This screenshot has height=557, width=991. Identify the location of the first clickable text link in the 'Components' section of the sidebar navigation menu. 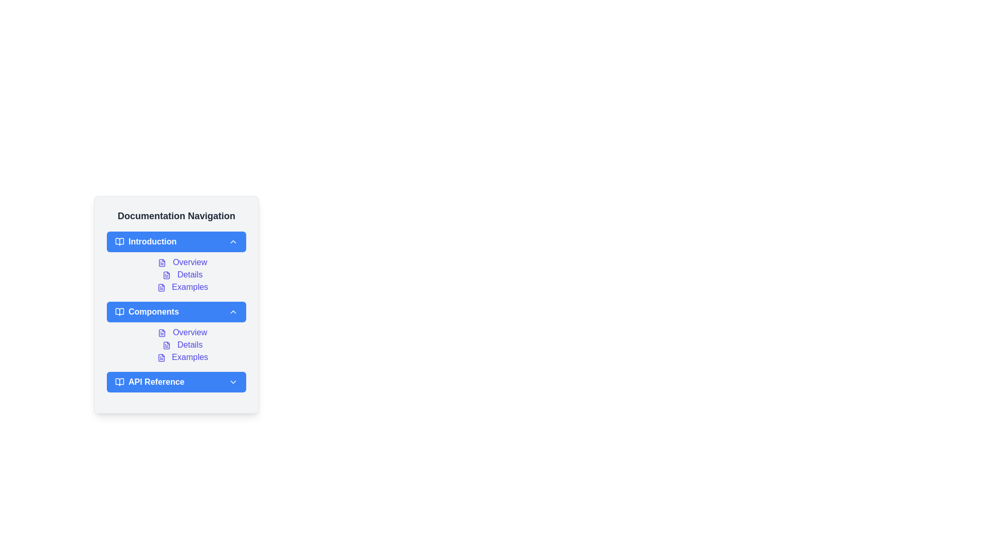
(176, 332).